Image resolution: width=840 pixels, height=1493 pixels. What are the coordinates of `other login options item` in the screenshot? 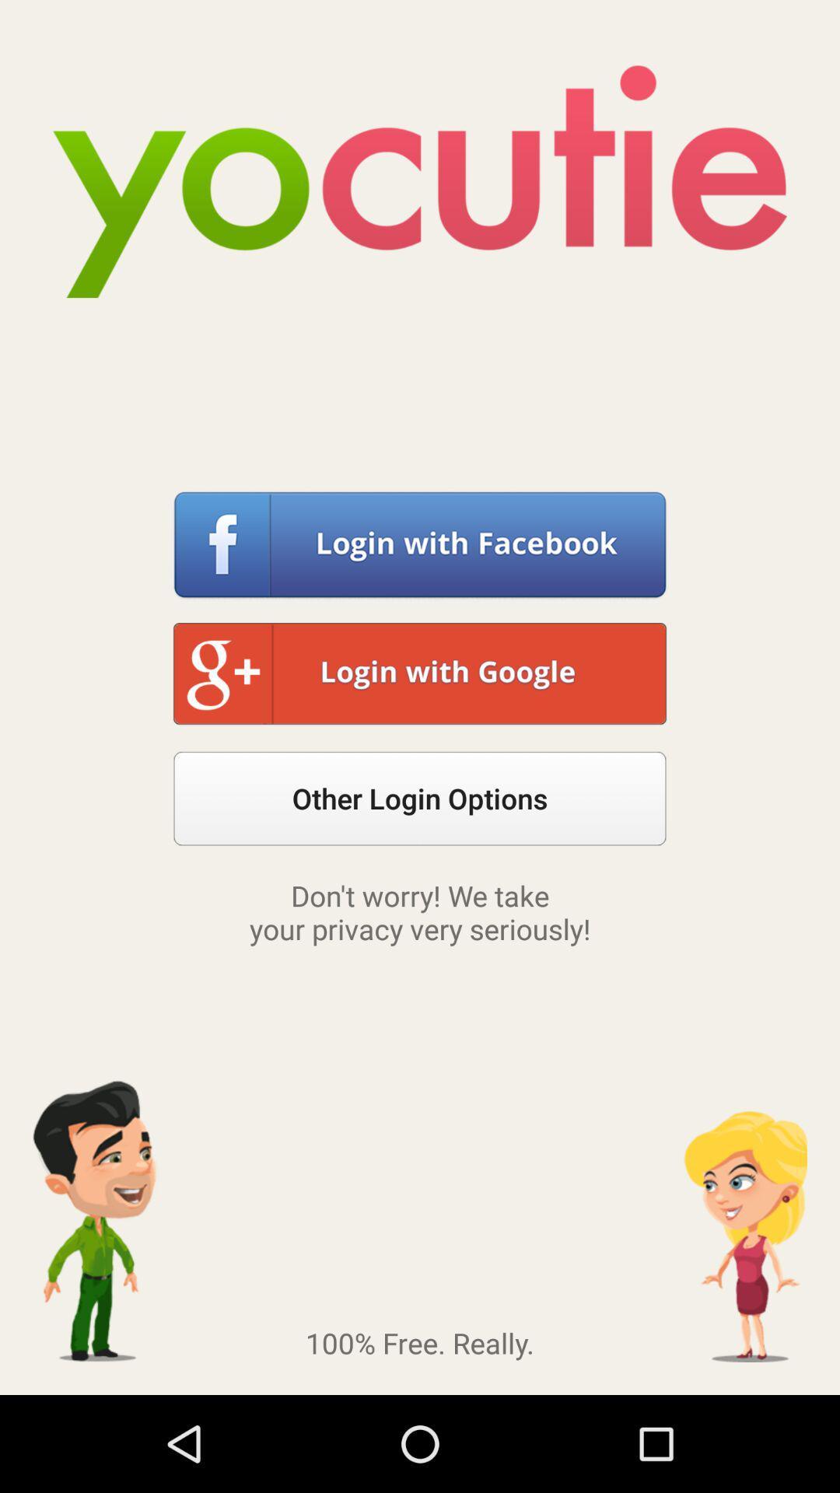 It's located at (420, 799).